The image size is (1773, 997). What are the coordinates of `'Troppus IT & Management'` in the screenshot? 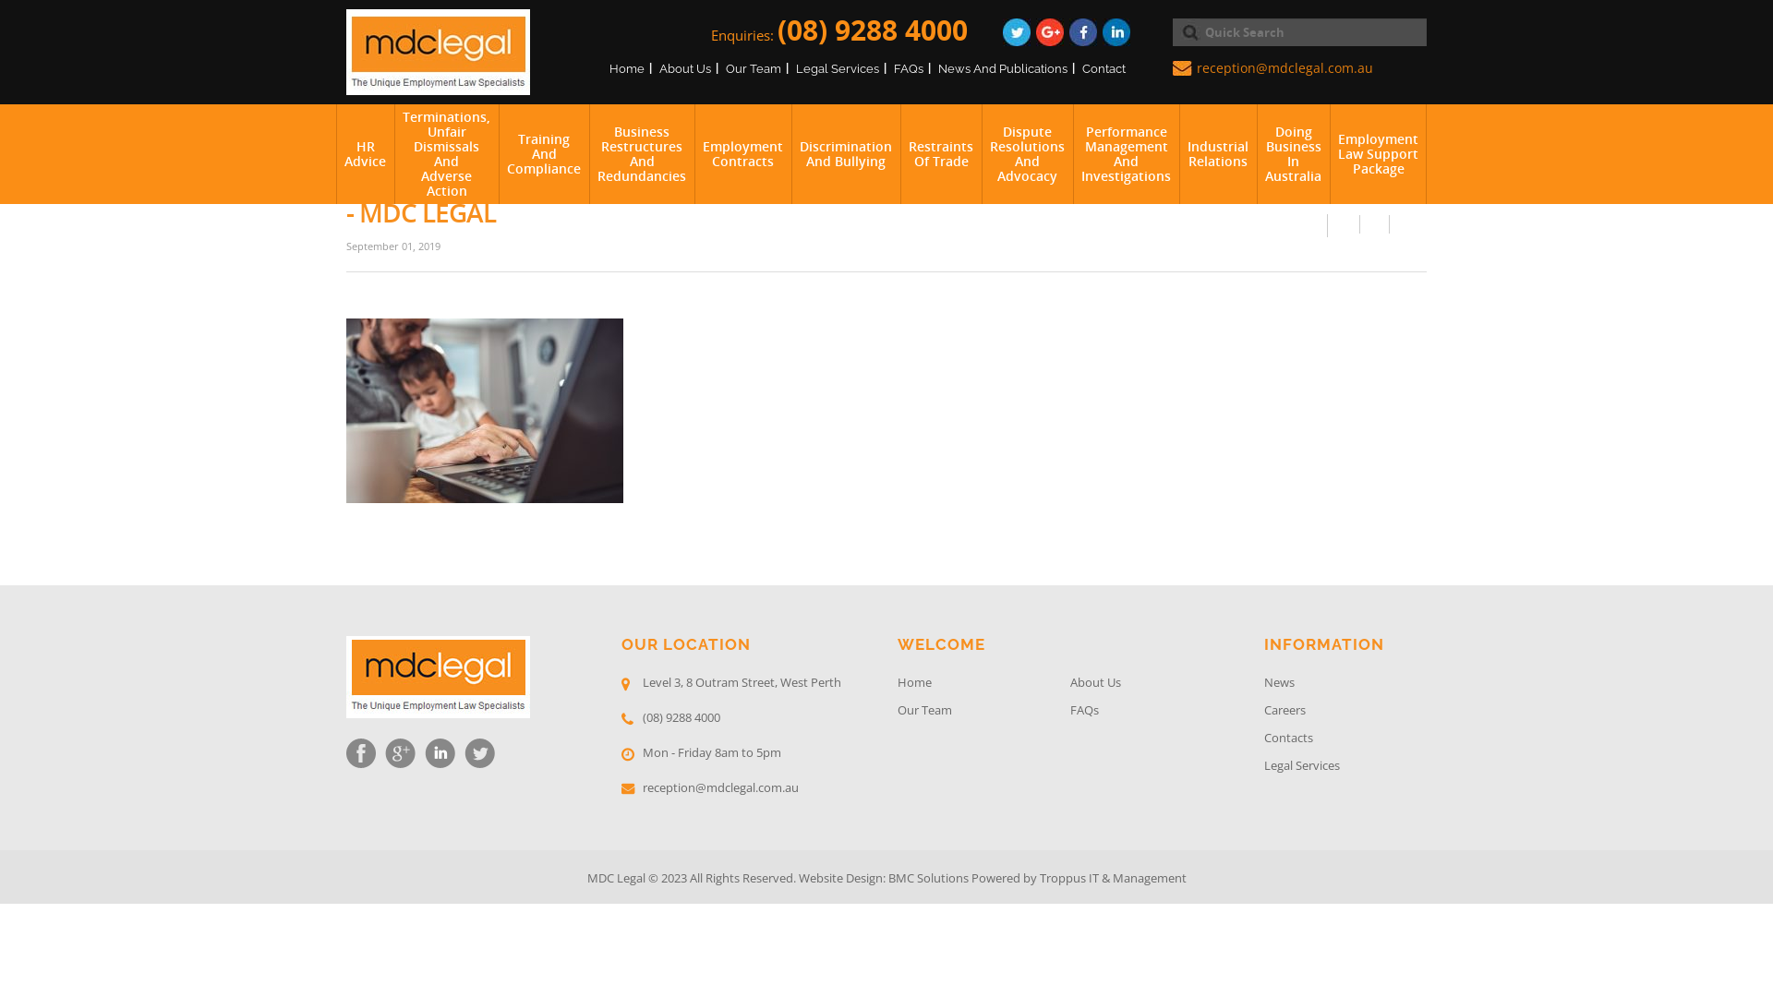 It's located at (1112, 877).